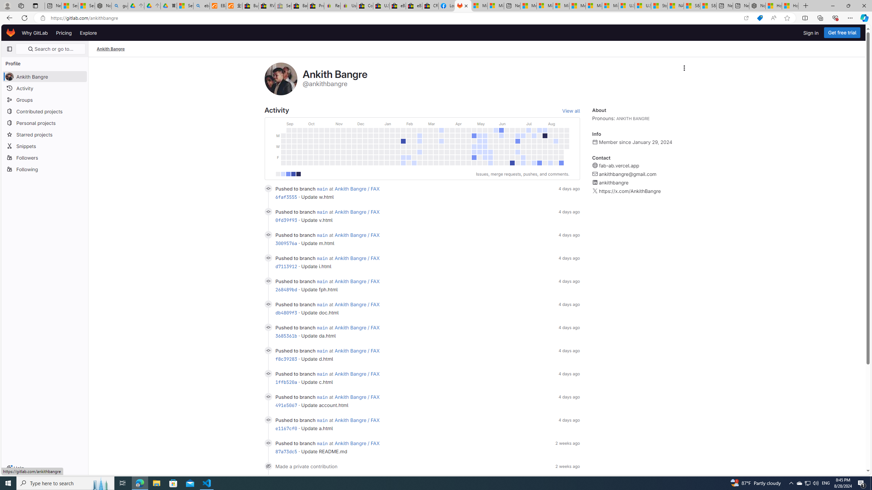 The width and height of the screenshot is (872, 490). What do you see at coordinates (746, 18) in the screenshot?
I see `'Open in app'` at bounding box center [746, 18].